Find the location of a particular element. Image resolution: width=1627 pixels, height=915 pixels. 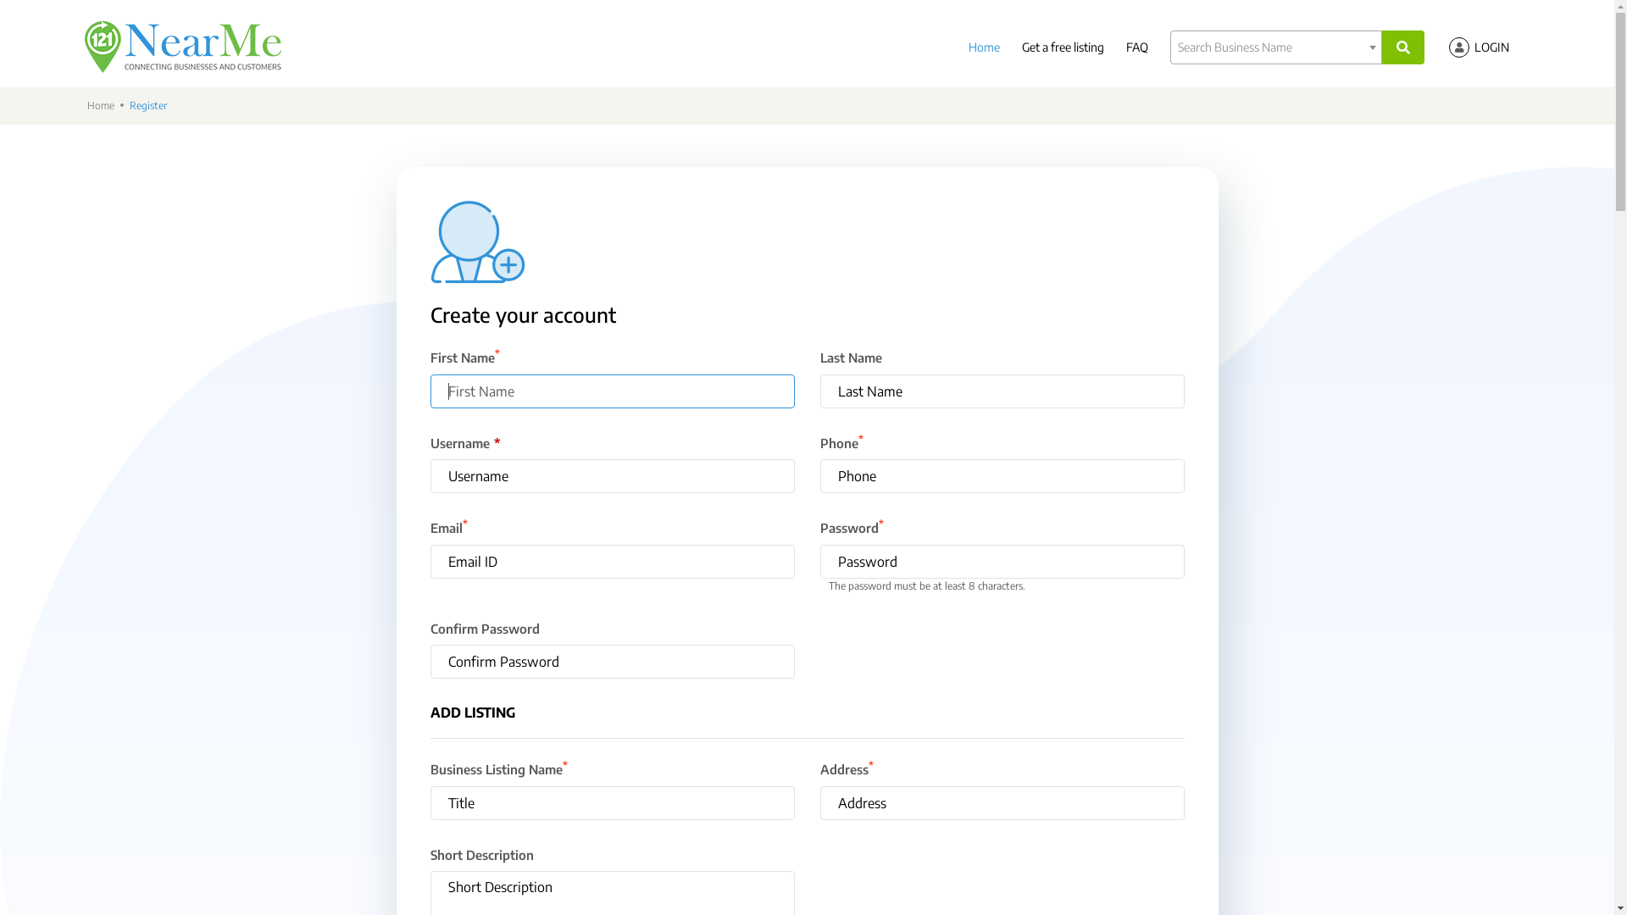

'Home' is located at coordinates (984, 46).